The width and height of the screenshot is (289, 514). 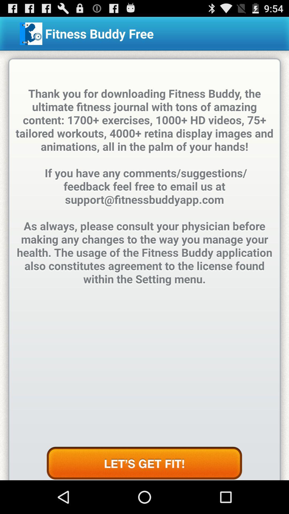 What do you see at coordinates (144, 463) in the screenshot?
I see `see more information on how to get fit` at bounding box center [144, 463].